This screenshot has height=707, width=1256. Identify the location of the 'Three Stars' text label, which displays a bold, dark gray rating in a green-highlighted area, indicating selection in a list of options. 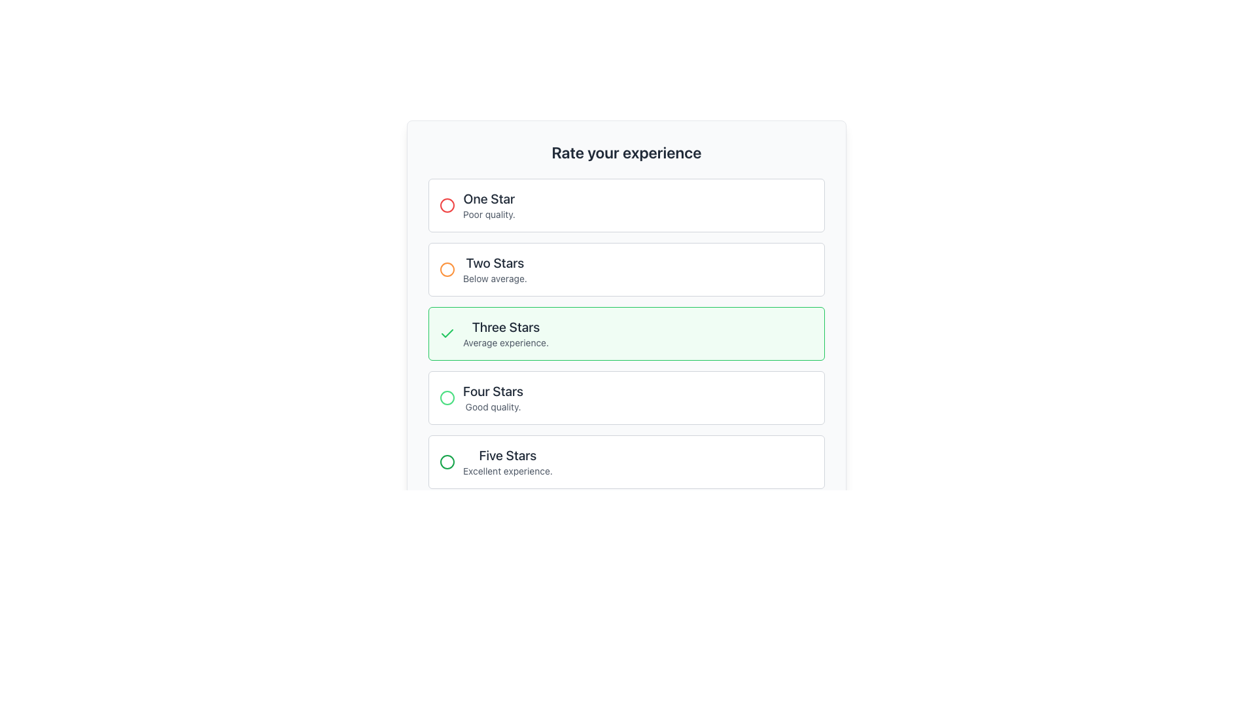
(505, 327).